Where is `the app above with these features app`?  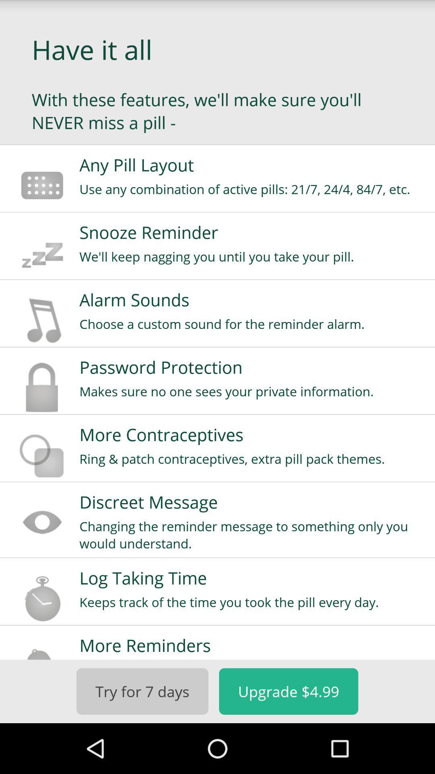
the app above with these features app is located at coordinates (217, 49).